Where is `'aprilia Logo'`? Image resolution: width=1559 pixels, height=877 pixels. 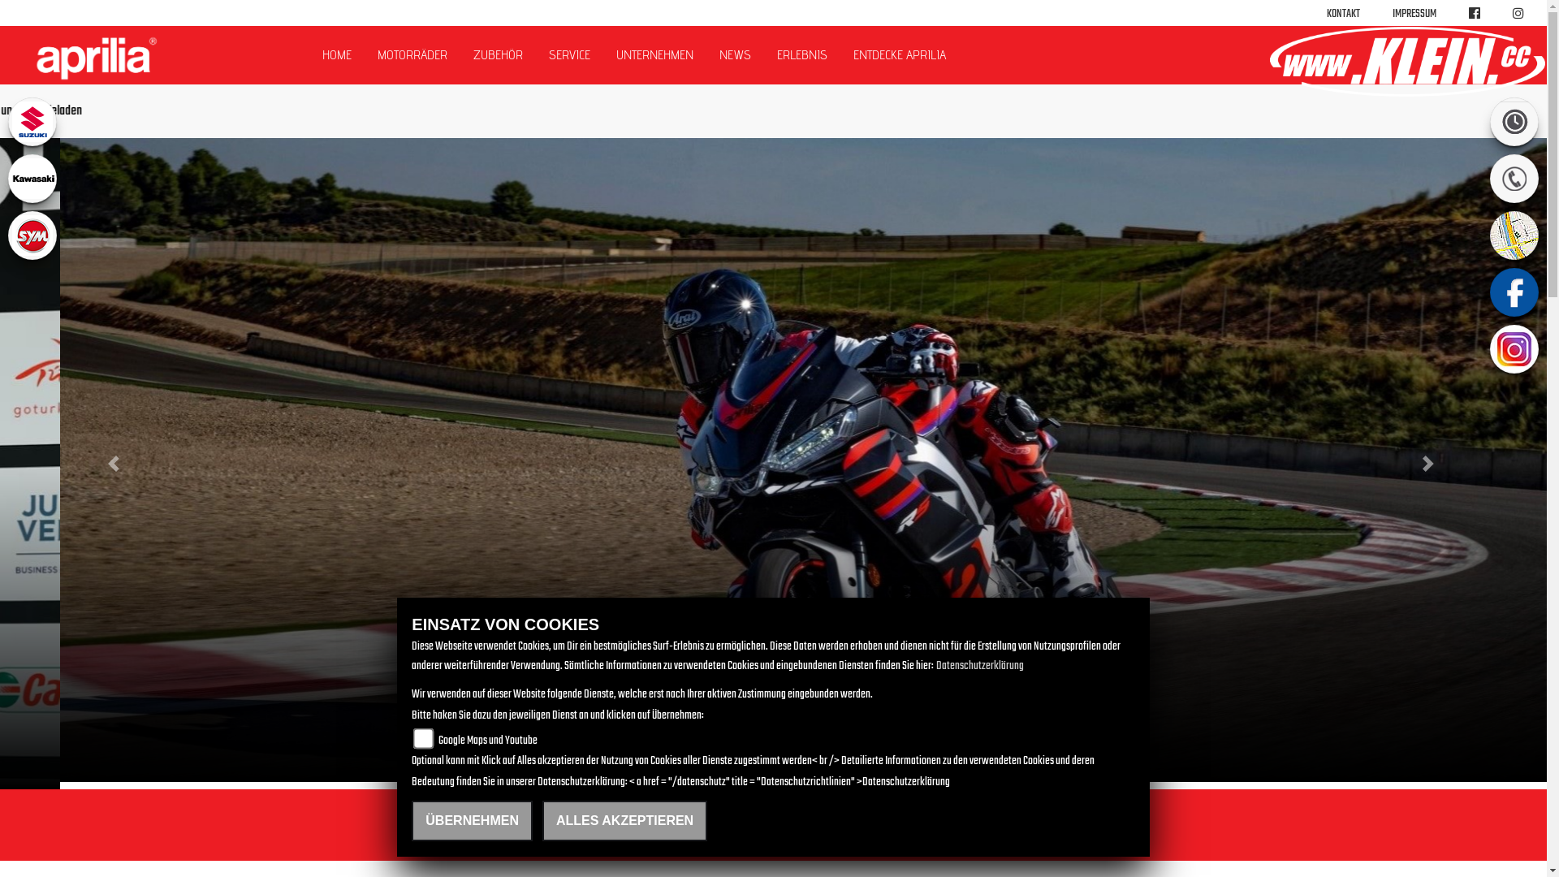
'aprilia Logo' is located at coordinates (95, 58).